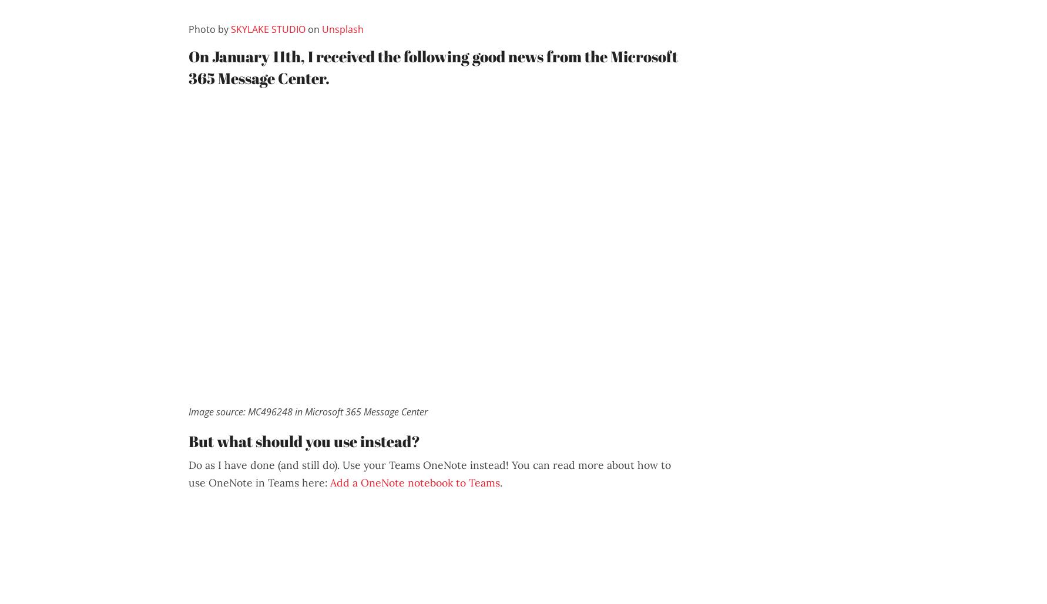 The width and height of the screenshot is (1047, 604). What do you see at coordinates (209, 29) in the screenshot?
I see `'Photo by'` at bounding box center [209, 29].